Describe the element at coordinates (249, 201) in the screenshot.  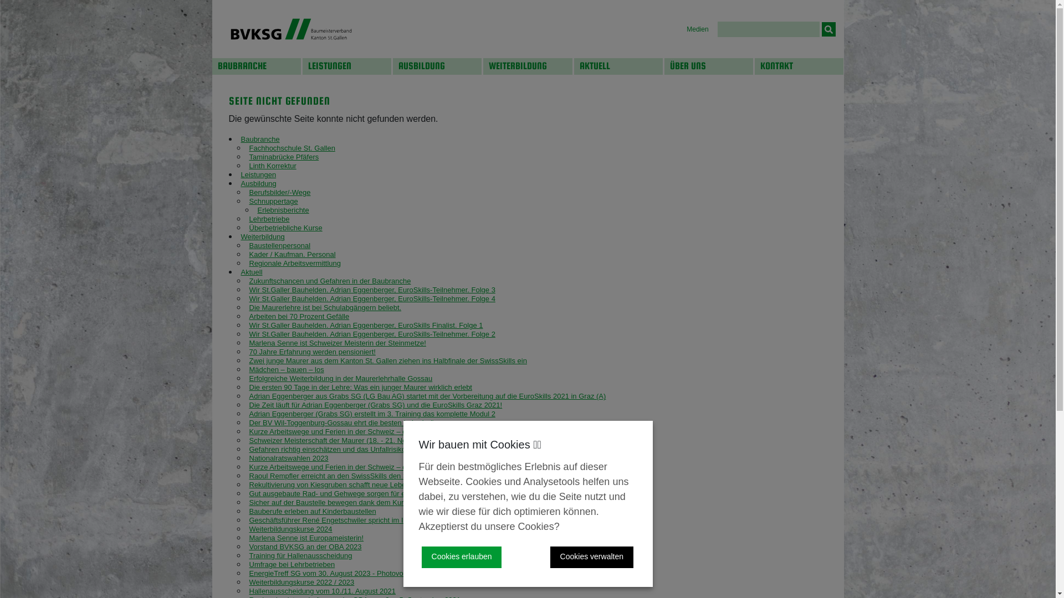
I see `'Schnuppertage'` at that location.